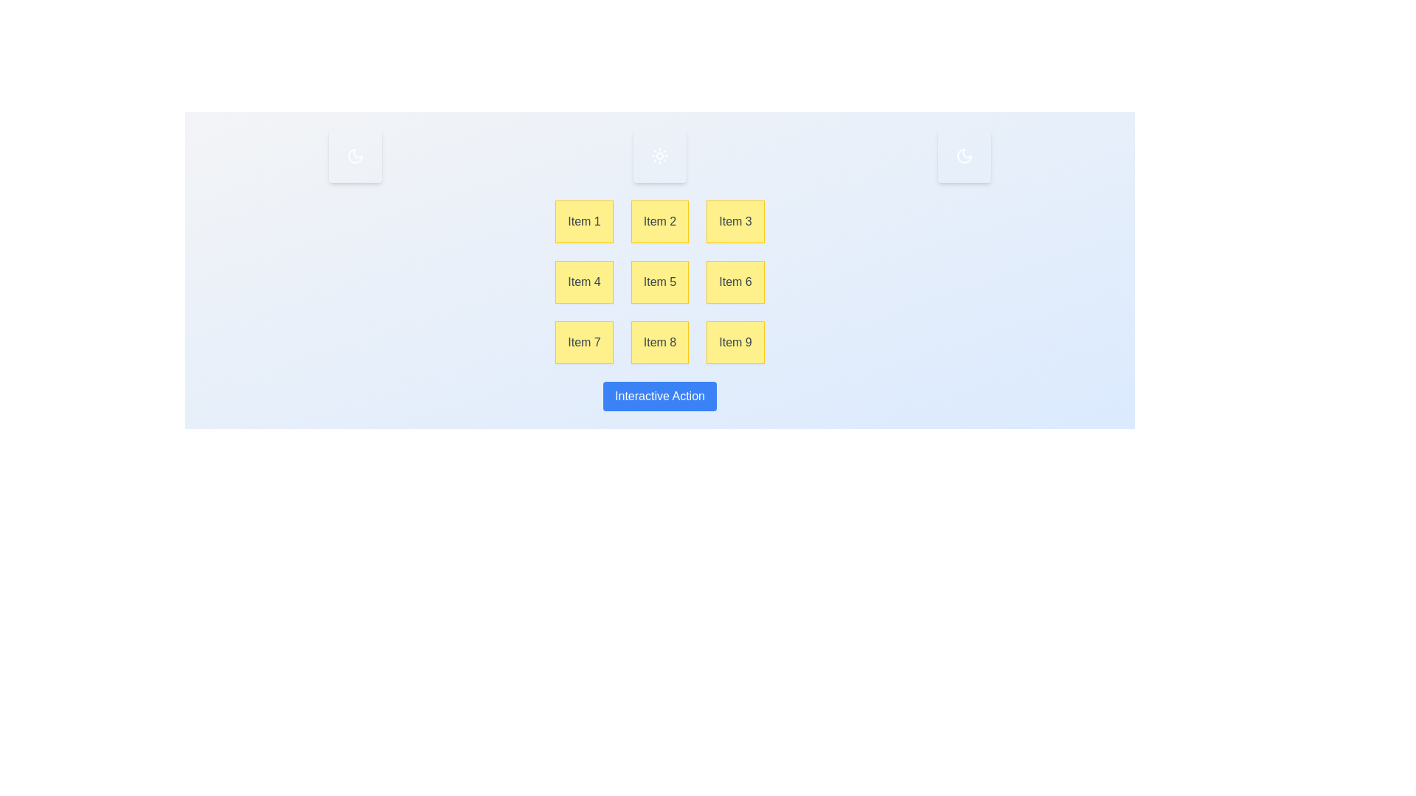 This screenshot has height=796, width=1416. Describe the element at coordinates (659, 221) in the screenshot. I see `the static Text Label that identifies the second item in a sequence, labeled 'Item 2', located in the top-middle cell of a grid within a yellow rectangular box` at that location.